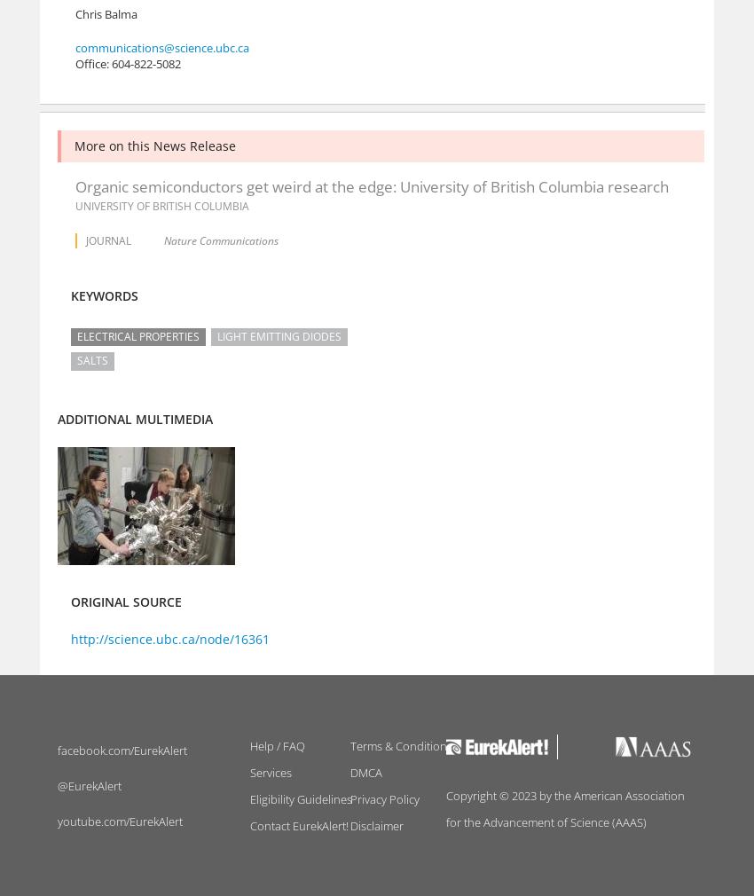  What do you see at coordinates (270, 773) in the screenshot?
I see `'Services'` at bounding box center [270, 773].